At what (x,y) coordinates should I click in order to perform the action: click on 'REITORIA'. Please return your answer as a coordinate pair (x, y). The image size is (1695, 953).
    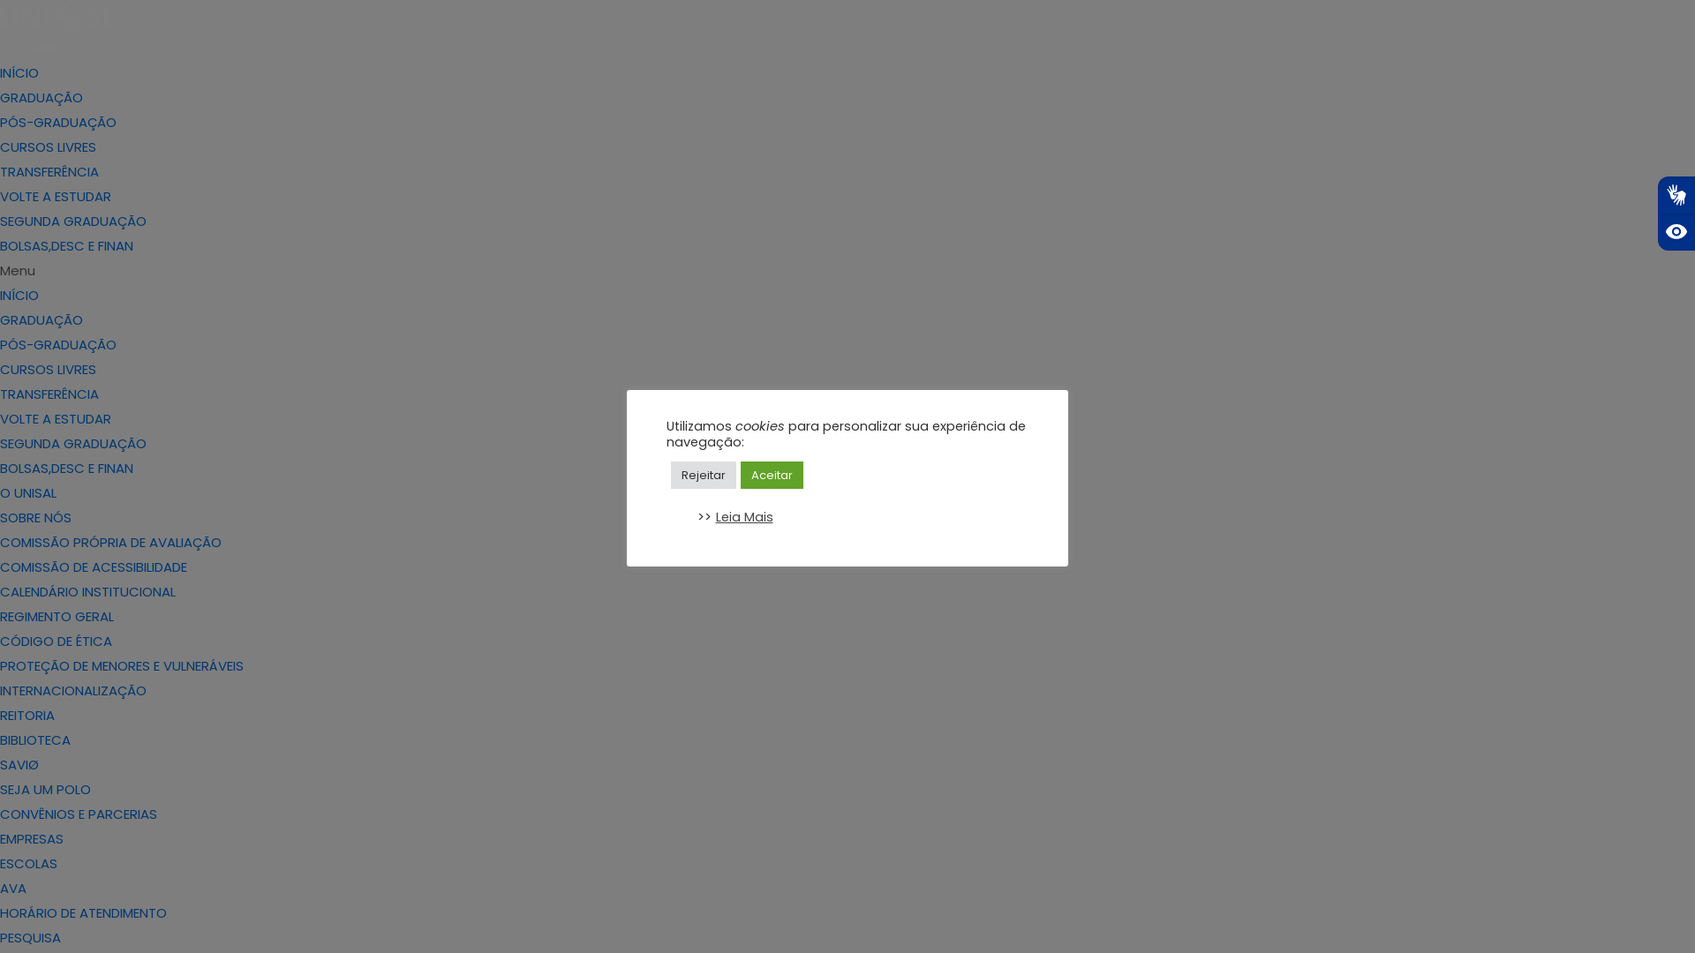
    Looking at the image, I should click on (26, 715).